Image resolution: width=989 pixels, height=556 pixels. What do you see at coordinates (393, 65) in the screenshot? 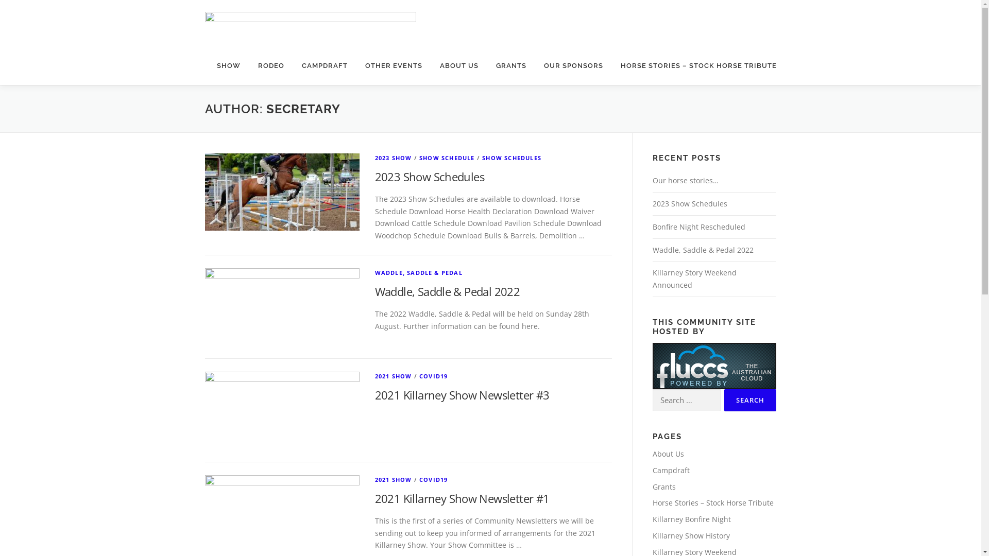
I see `'OTHER EVENTS'` at bounding box center [393, 65].